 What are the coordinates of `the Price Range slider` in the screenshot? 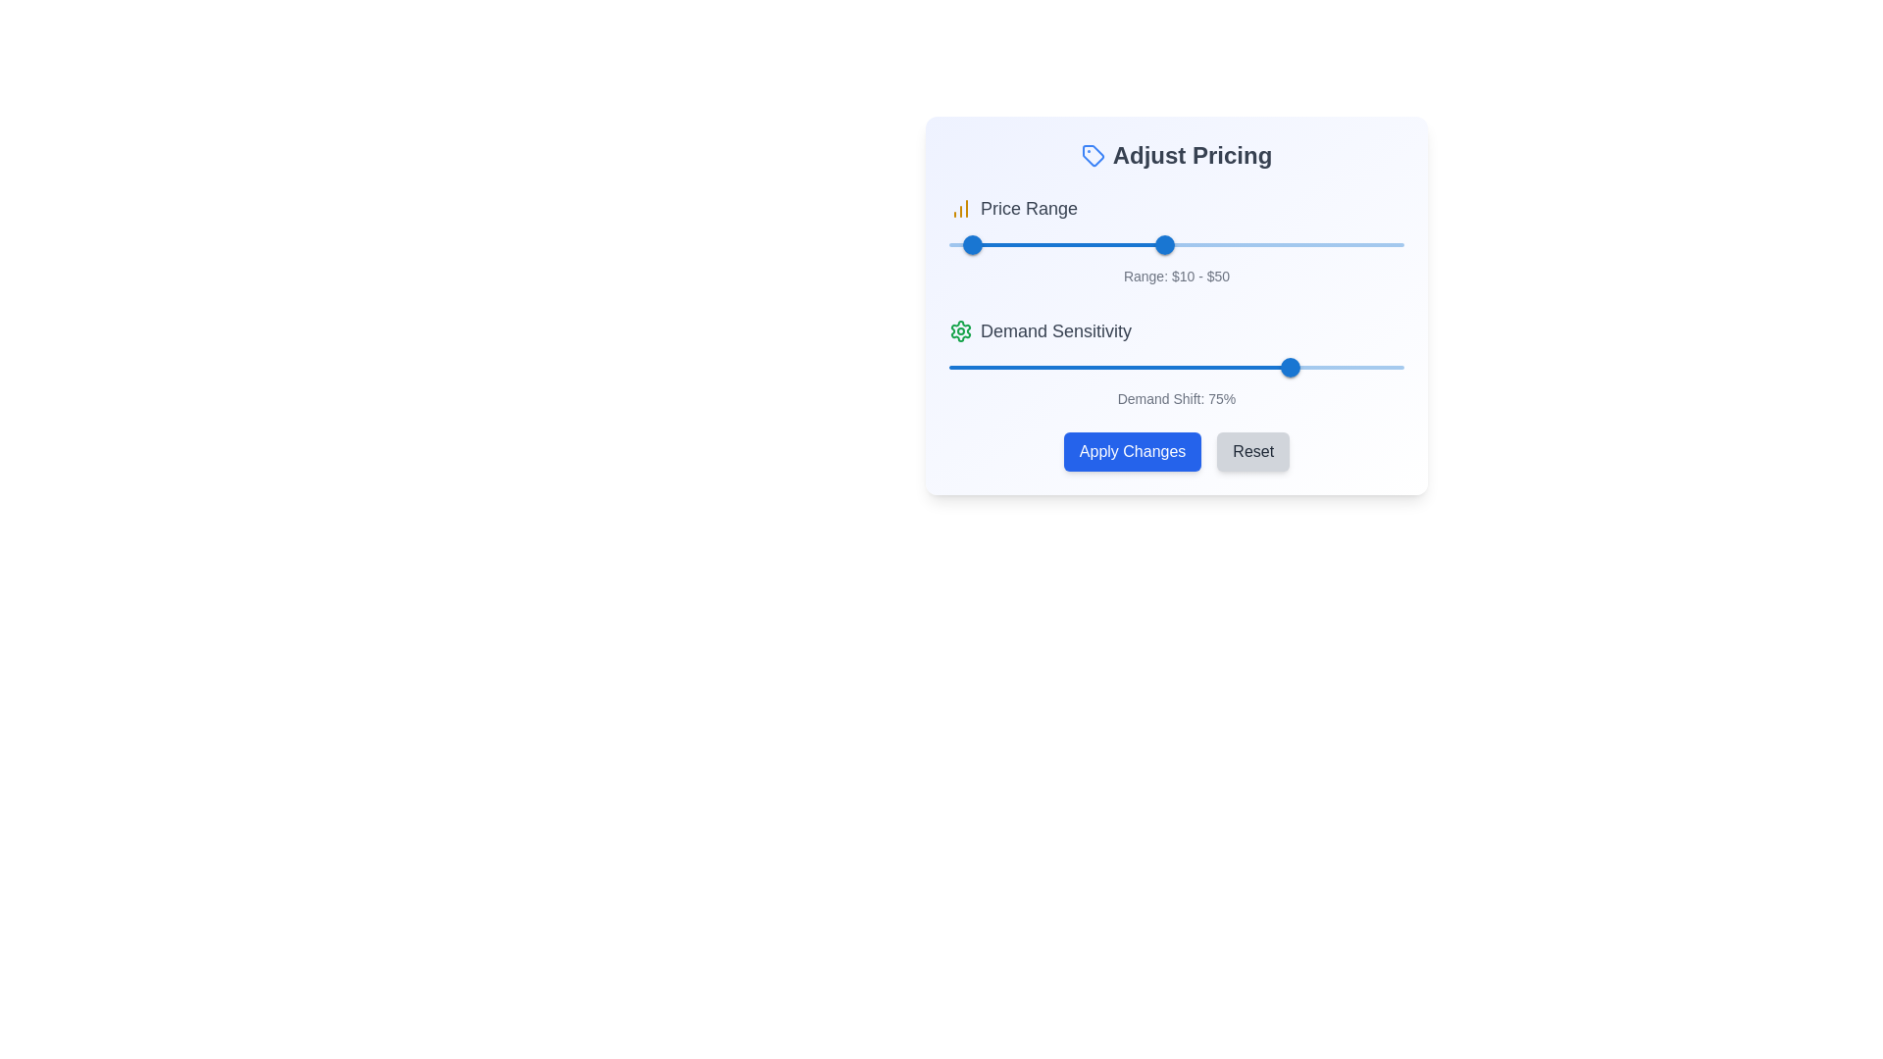 It's located at (979, 244).